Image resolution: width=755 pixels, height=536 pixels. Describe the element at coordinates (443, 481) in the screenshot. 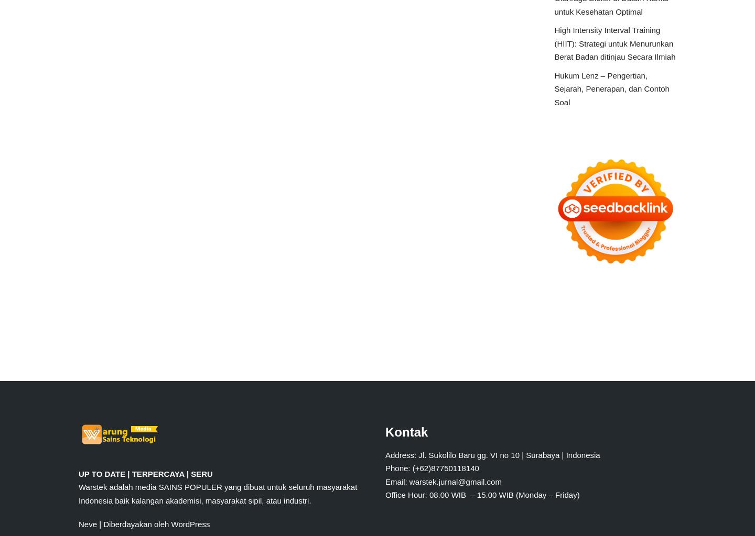

I see `'Email: warstek.jurnal@gmail.com'` at that location.